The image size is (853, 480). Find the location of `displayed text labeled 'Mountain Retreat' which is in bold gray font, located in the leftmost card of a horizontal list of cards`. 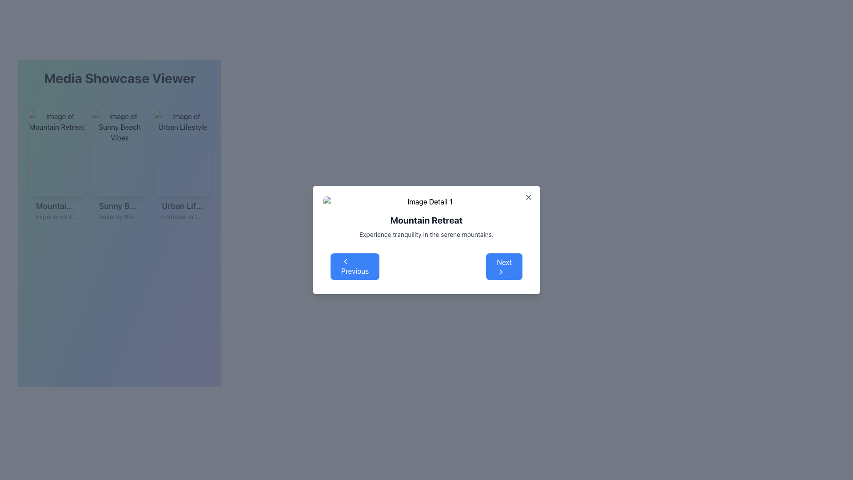

displayed text labeled 'Mountain Retreat' which is in bold gray font, located in the leftmost card of a horizontal list of cards is located at coordinates (56, 206).